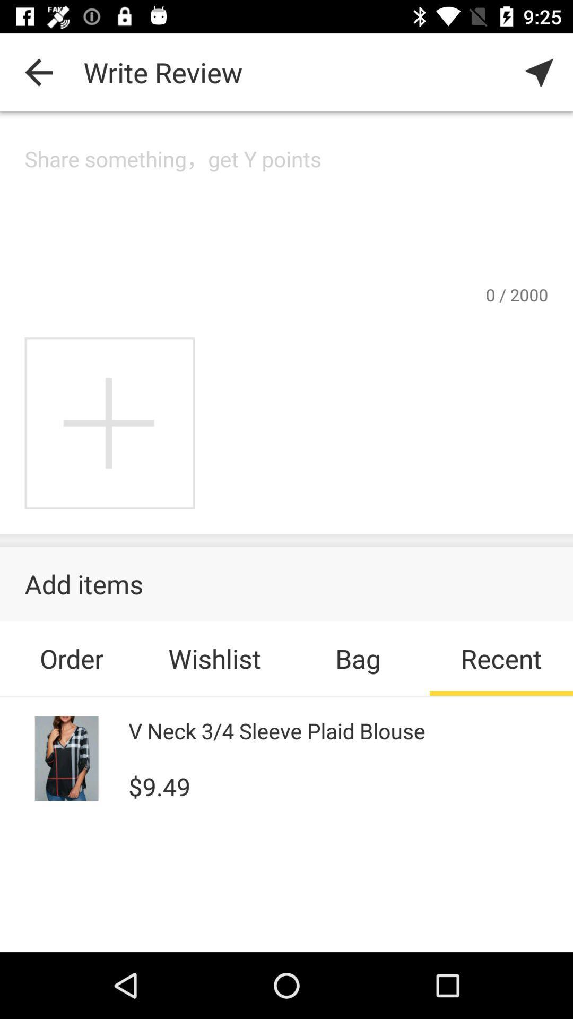 The width and height of the screenshot is (573, 1019). Describe the element at coordinates (159, 785) in the screenshot. I see `$9.49` at that location.